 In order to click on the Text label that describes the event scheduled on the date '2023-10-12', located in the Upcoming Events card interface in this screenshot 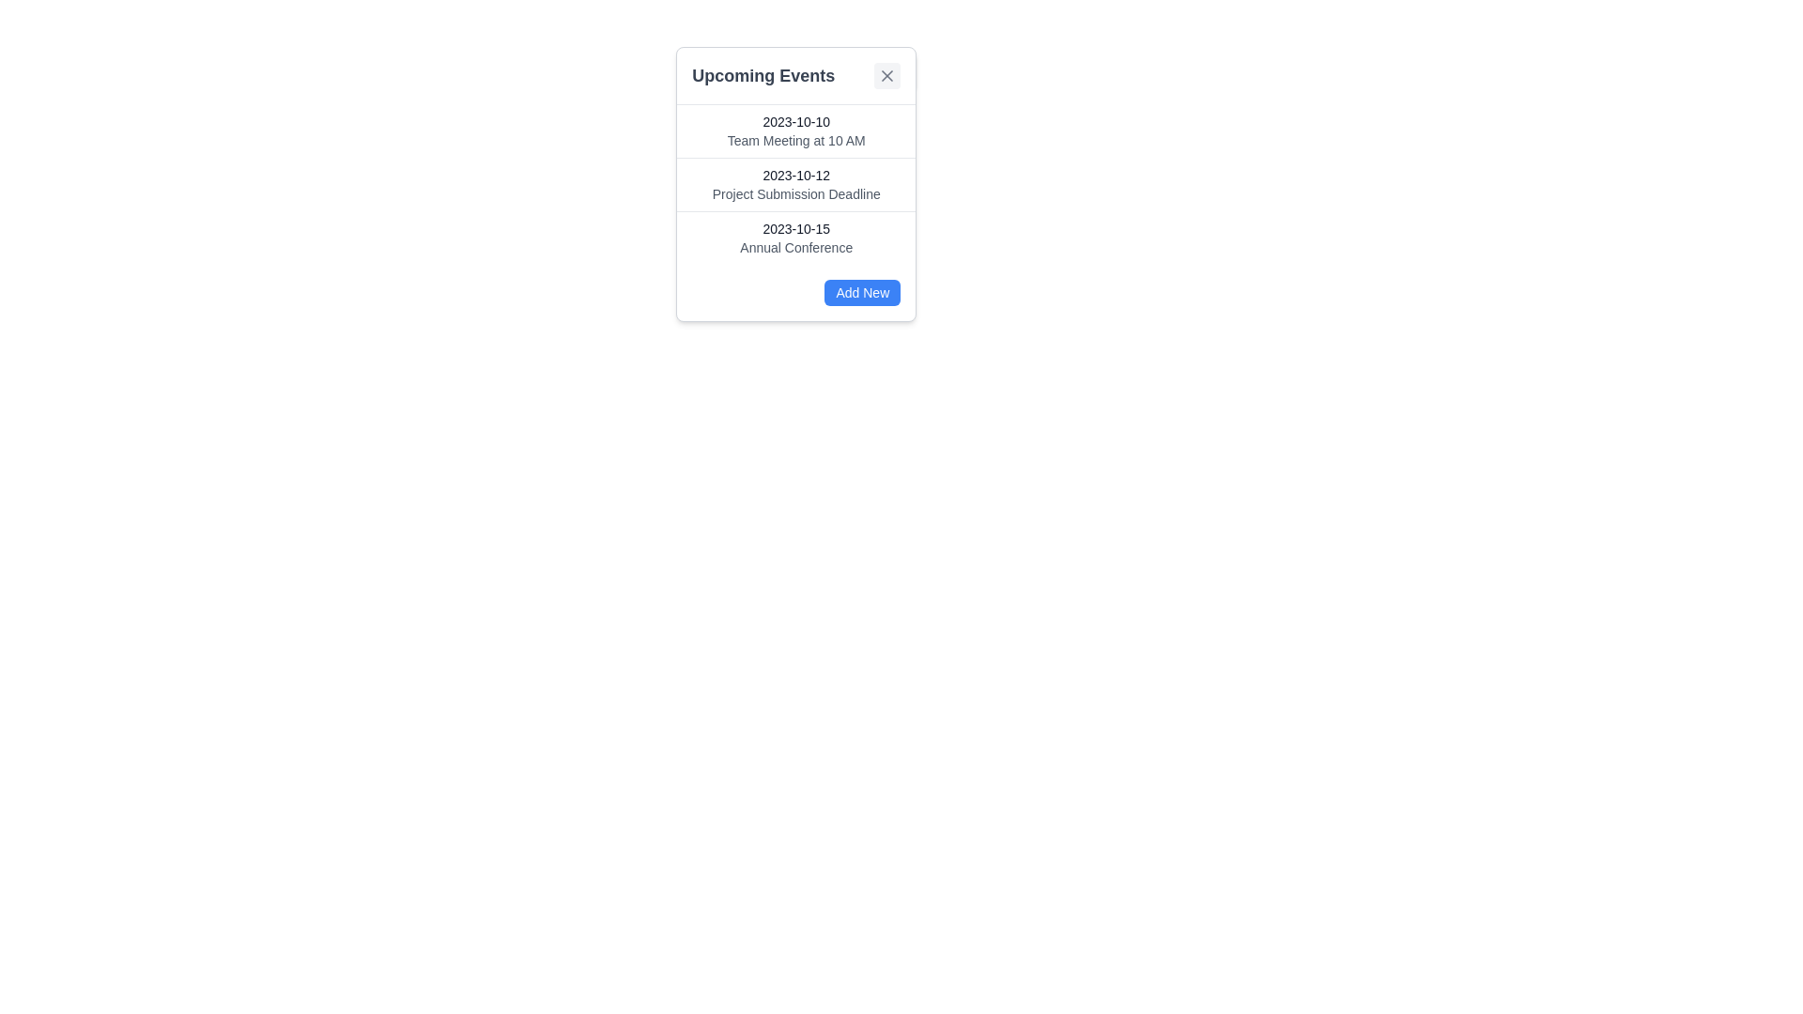, I will do `click(796, 194)`.